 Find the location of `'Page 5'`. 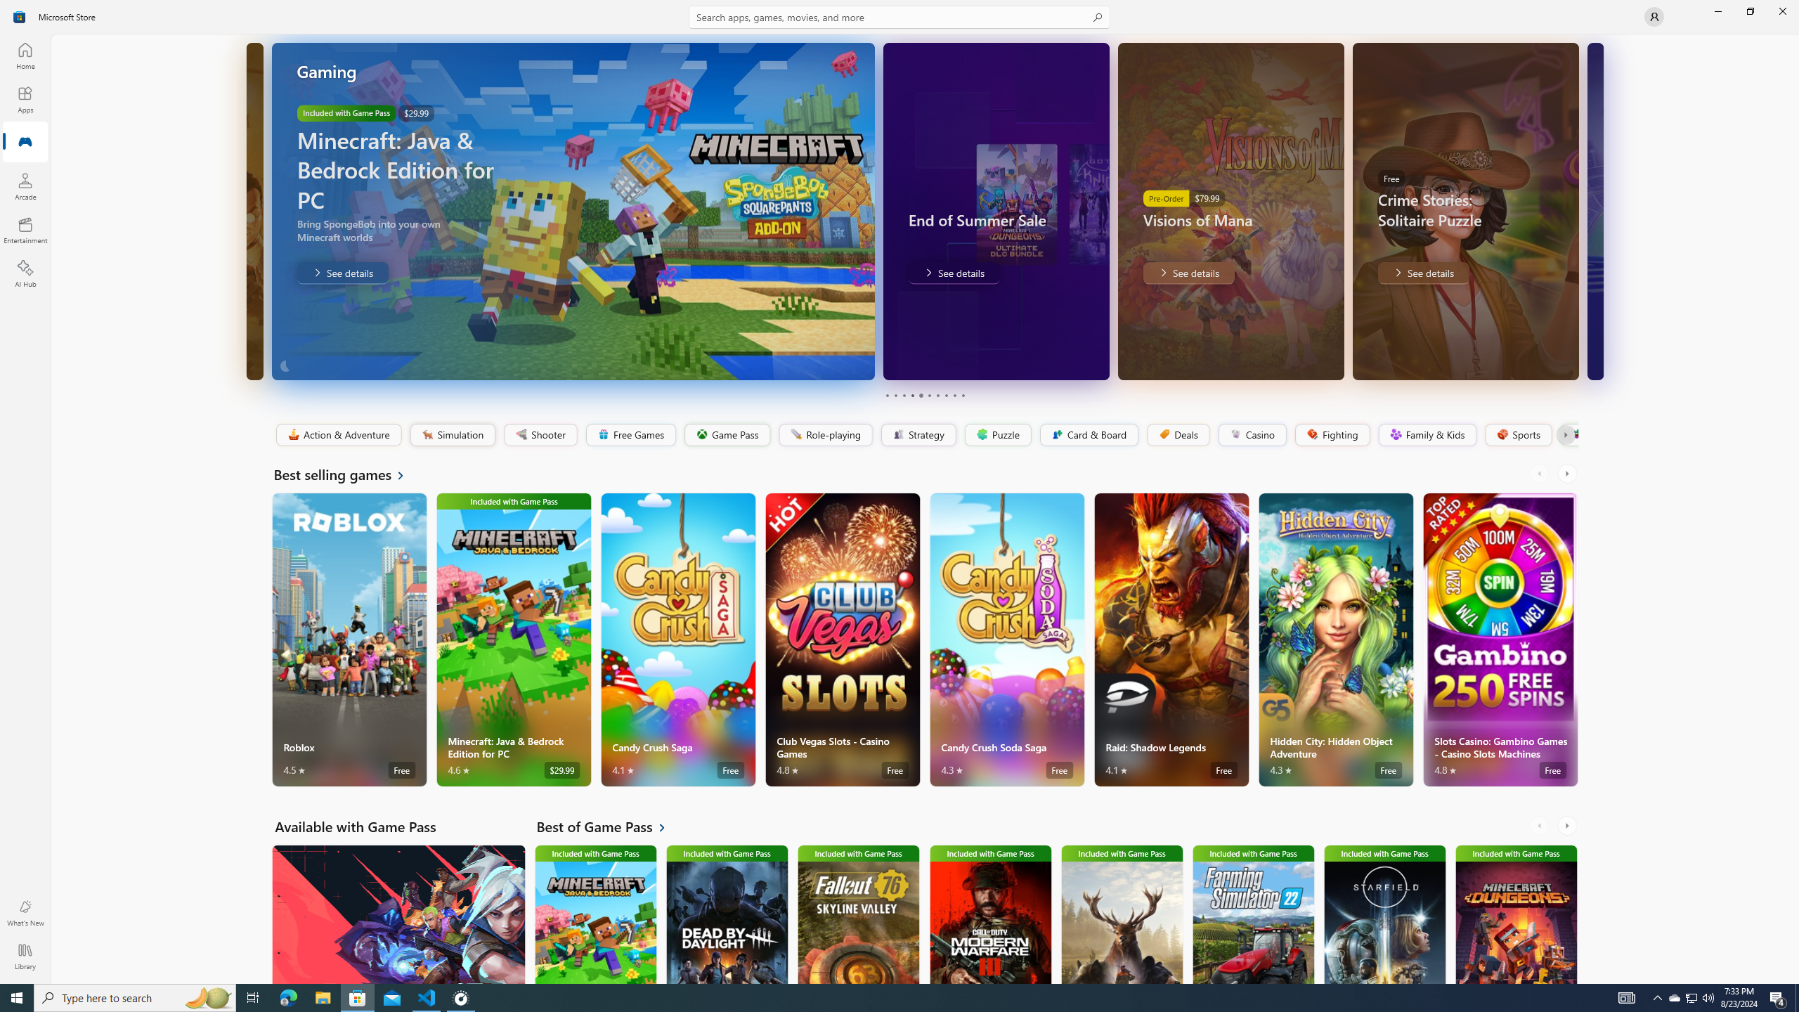

'Page 5' is located at coordinates (919, 395).